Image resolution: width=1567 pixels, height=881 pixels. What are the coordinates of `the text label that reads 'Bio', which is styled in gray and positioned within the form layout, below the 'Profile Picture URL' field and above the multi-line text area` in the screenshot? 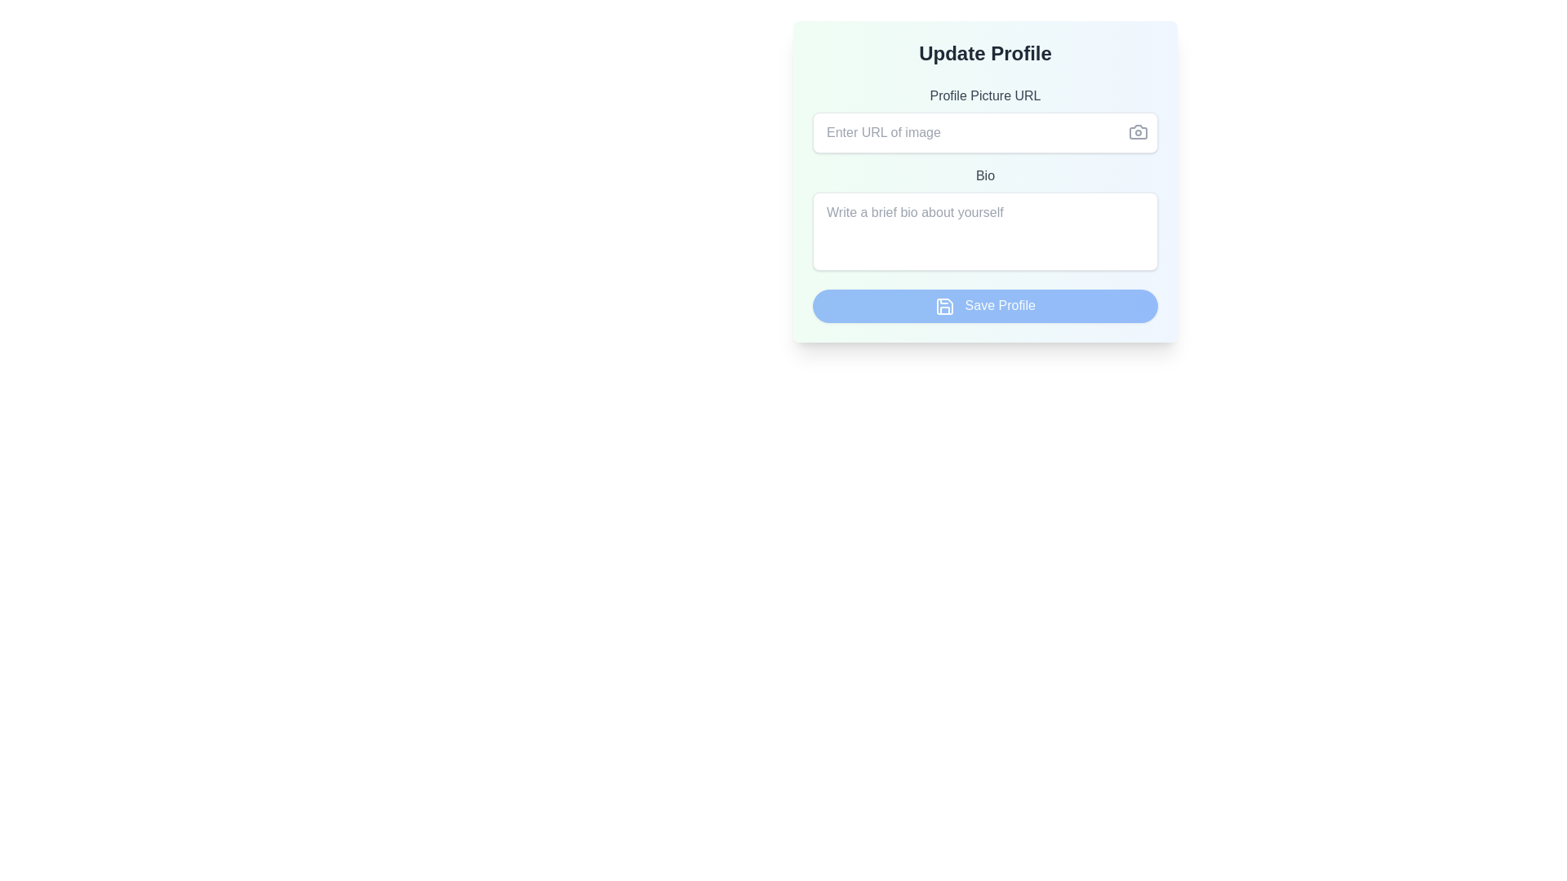 It's located at (984, 176).